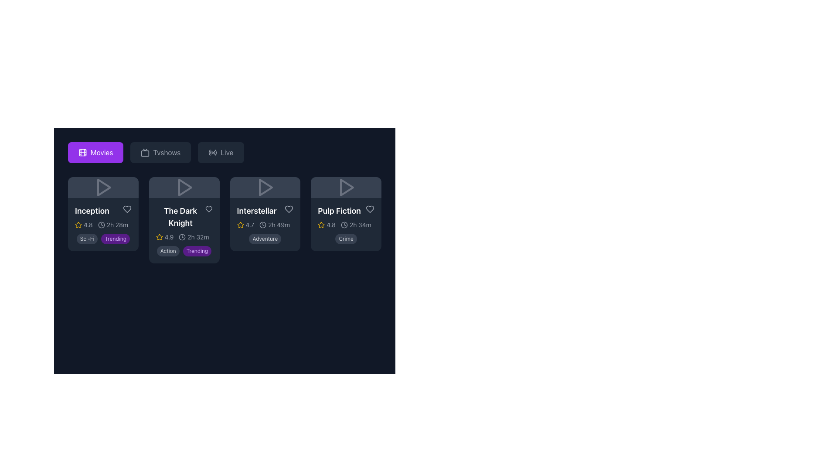  I want to click on the 'Movies' button, which is a rectangular button with rounded corners, a purple background, a white filmstrip icon on the left, and the label 'Movies' in bold white font on the right, to trigger visual hover effects, so click(95, 152).